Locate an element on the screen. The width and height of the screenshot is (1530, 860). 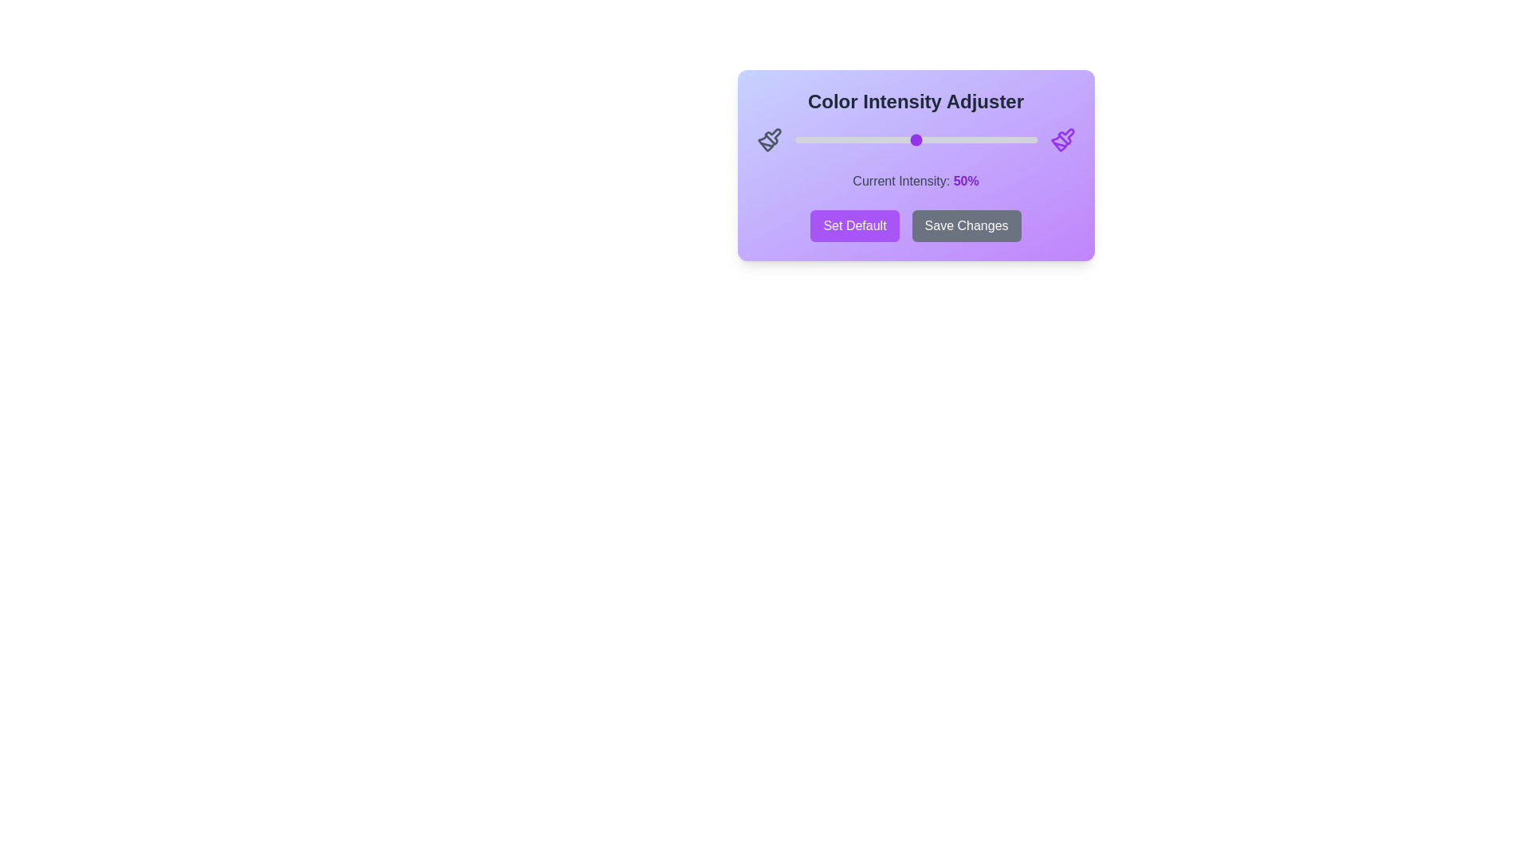
the slider to 82% to adjust the color intensity is located at coordinates (992, 139).